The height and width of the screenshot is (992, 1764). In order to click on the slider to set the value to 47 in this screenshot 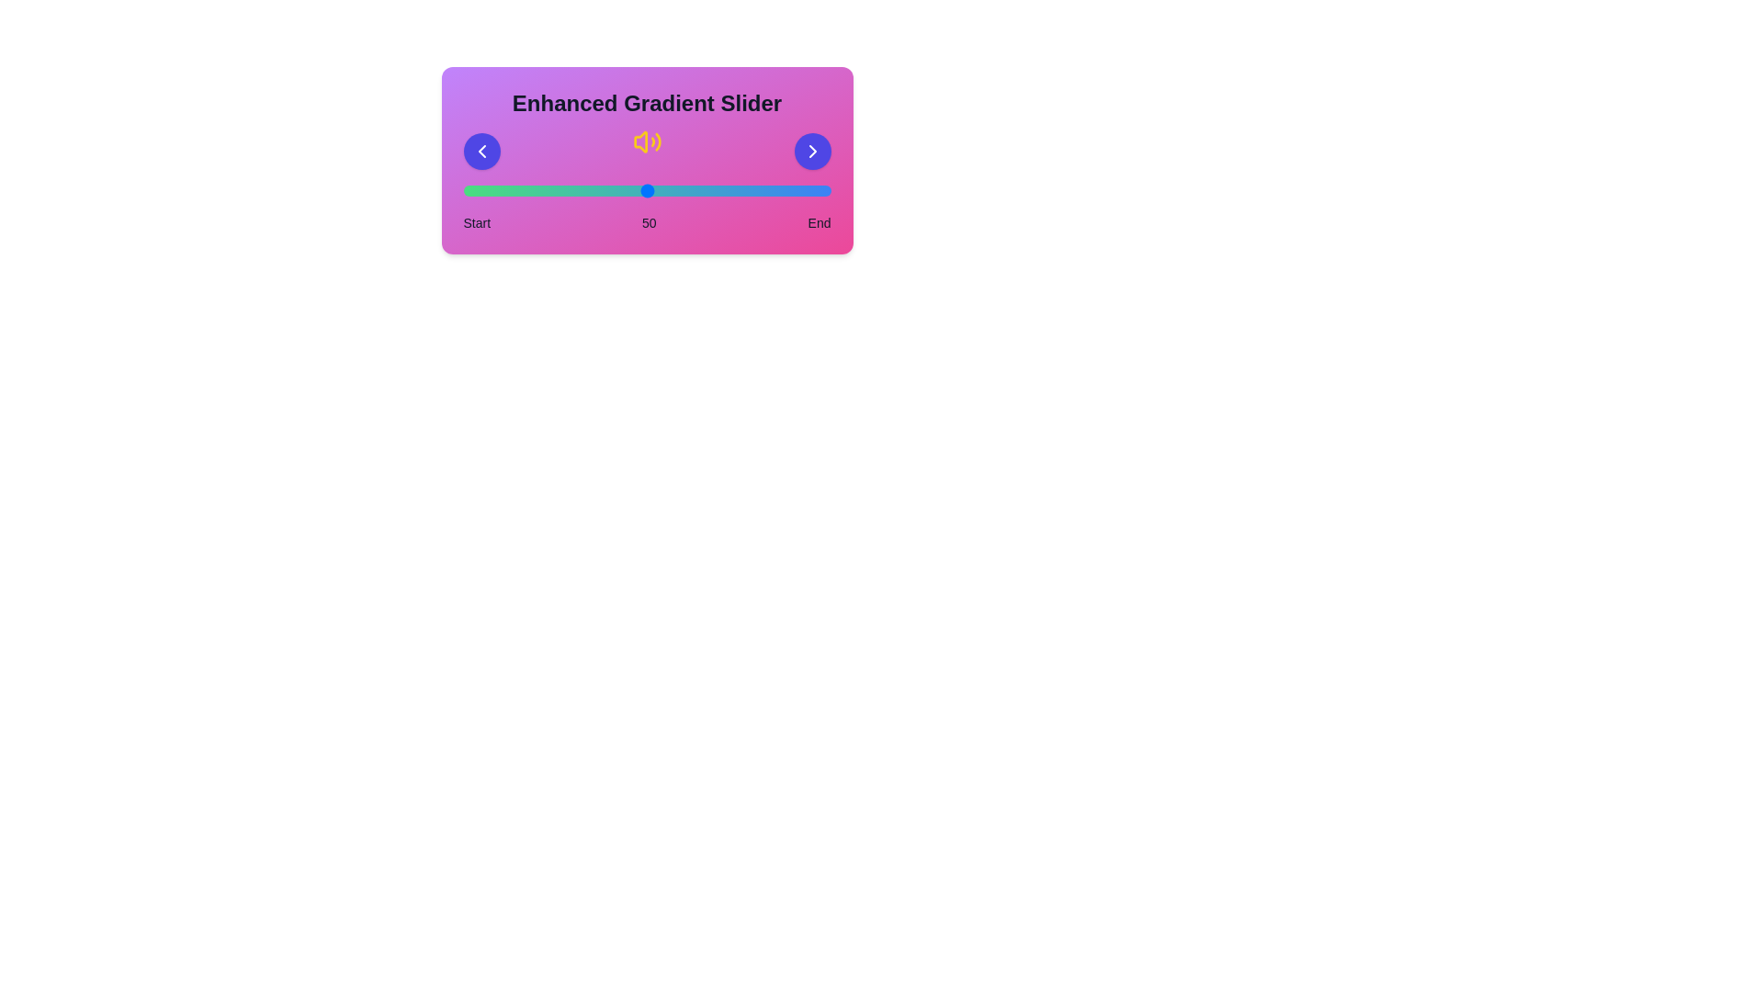, I will do `click(636, 191)`.